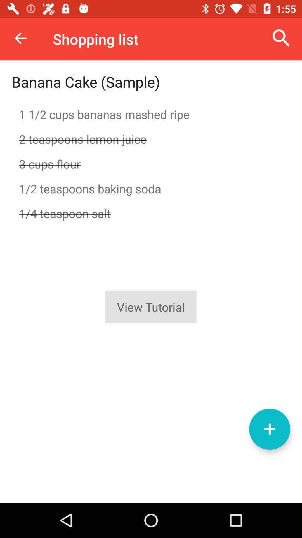  I want to click on to list, so click(269, 429).